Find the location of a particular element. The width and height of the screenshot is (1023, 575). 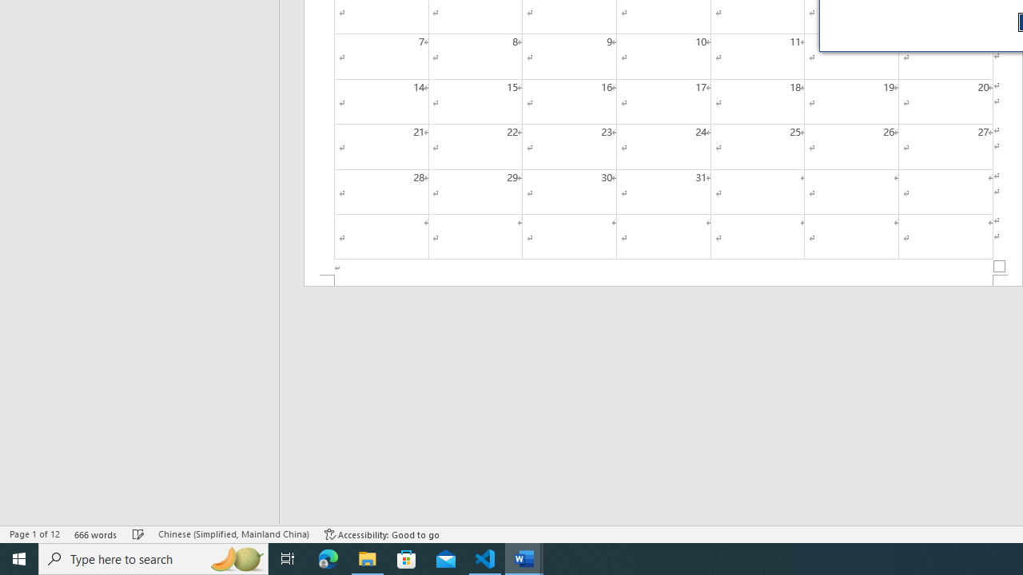

'Word - 2 running windows' is located at coordinates (524, 557).